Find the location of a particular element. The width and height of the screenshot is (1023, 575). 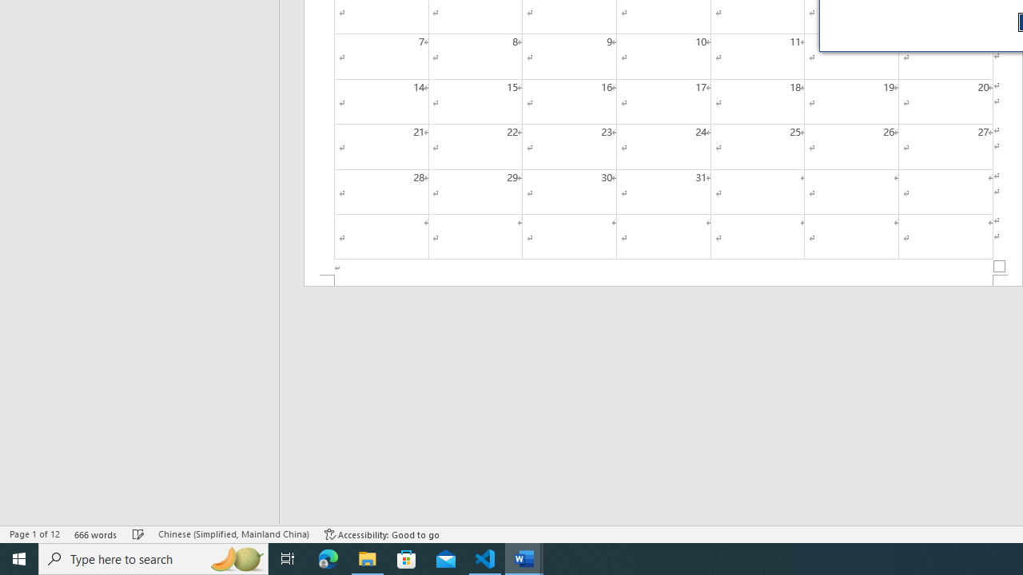

'Word - 2 running windows' is located at coordinates (524, 557).